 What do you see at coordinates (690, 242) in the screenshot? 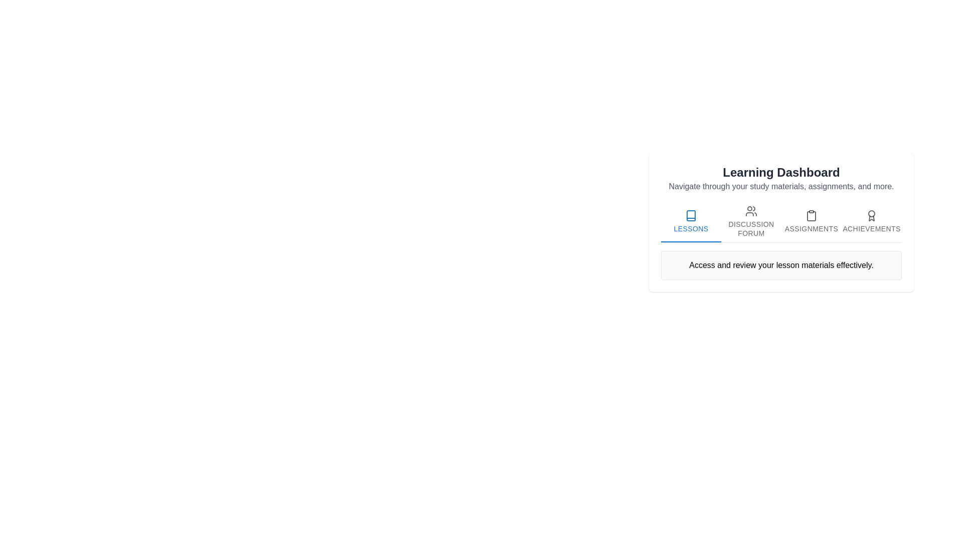
I see `the Indicator bar that visually indicates the currently active 'Lessons' tab in the tabbed navigation interface` at bounding box center [690, 242].